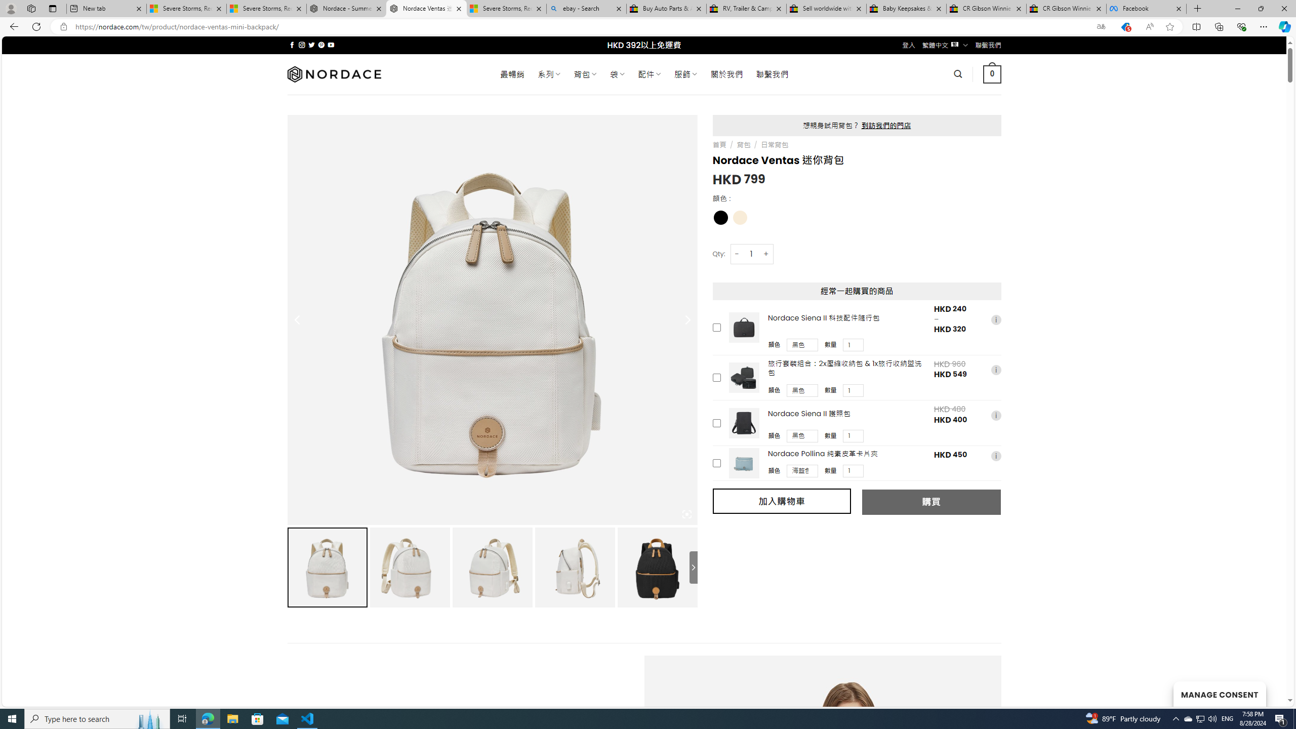 The image size is (1296, 729). Describe the element at coordinates (737, 254) in the screenshot. I see `'-'` at that location.